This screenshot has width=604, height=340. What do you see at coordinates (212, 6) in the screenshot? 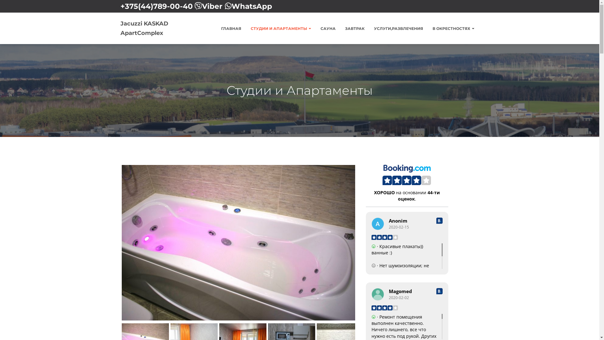
I see `'Viber'` at bounding box center [212, 6].